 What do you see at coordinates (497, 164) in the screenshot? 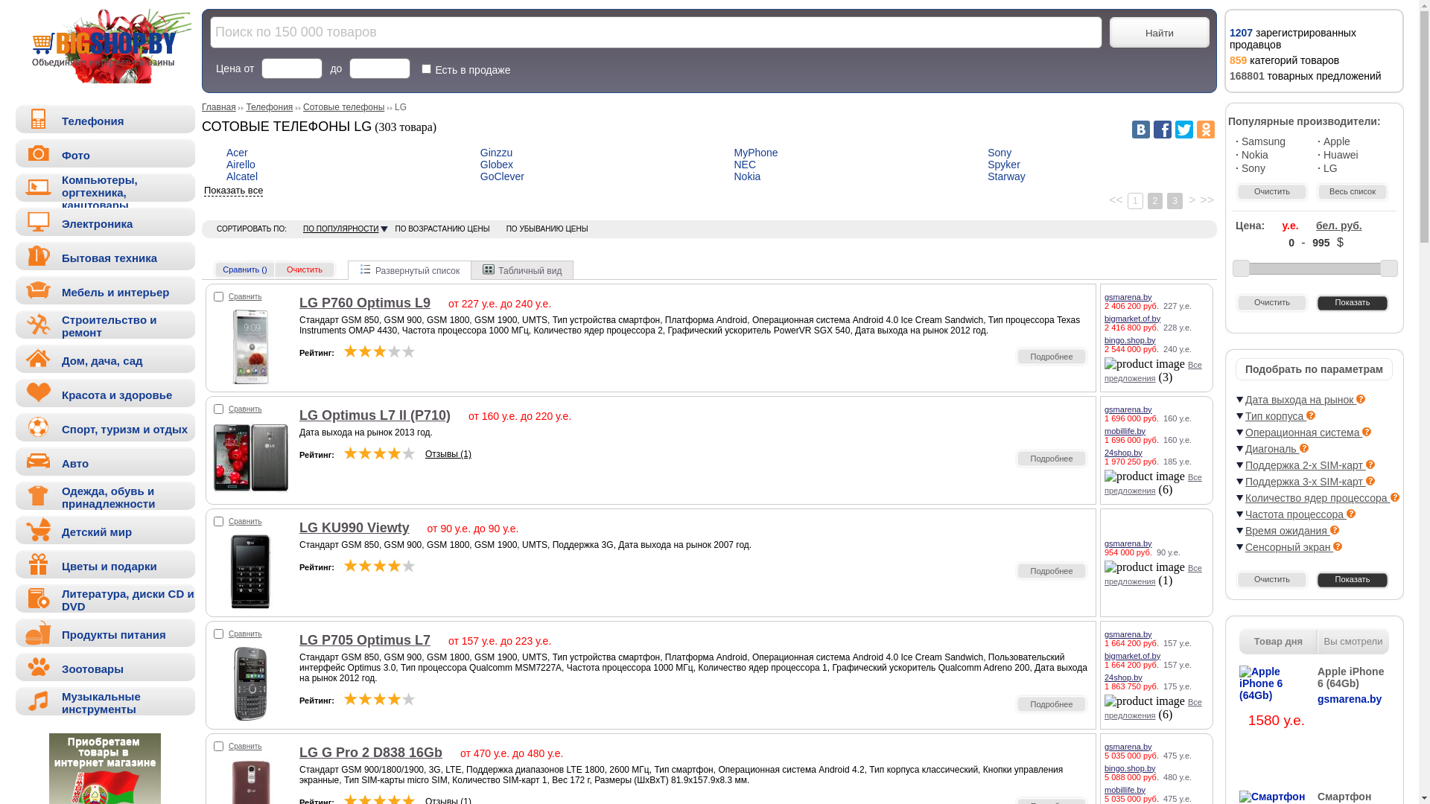
I see `'Globex'` at bounding box center [497, 164].